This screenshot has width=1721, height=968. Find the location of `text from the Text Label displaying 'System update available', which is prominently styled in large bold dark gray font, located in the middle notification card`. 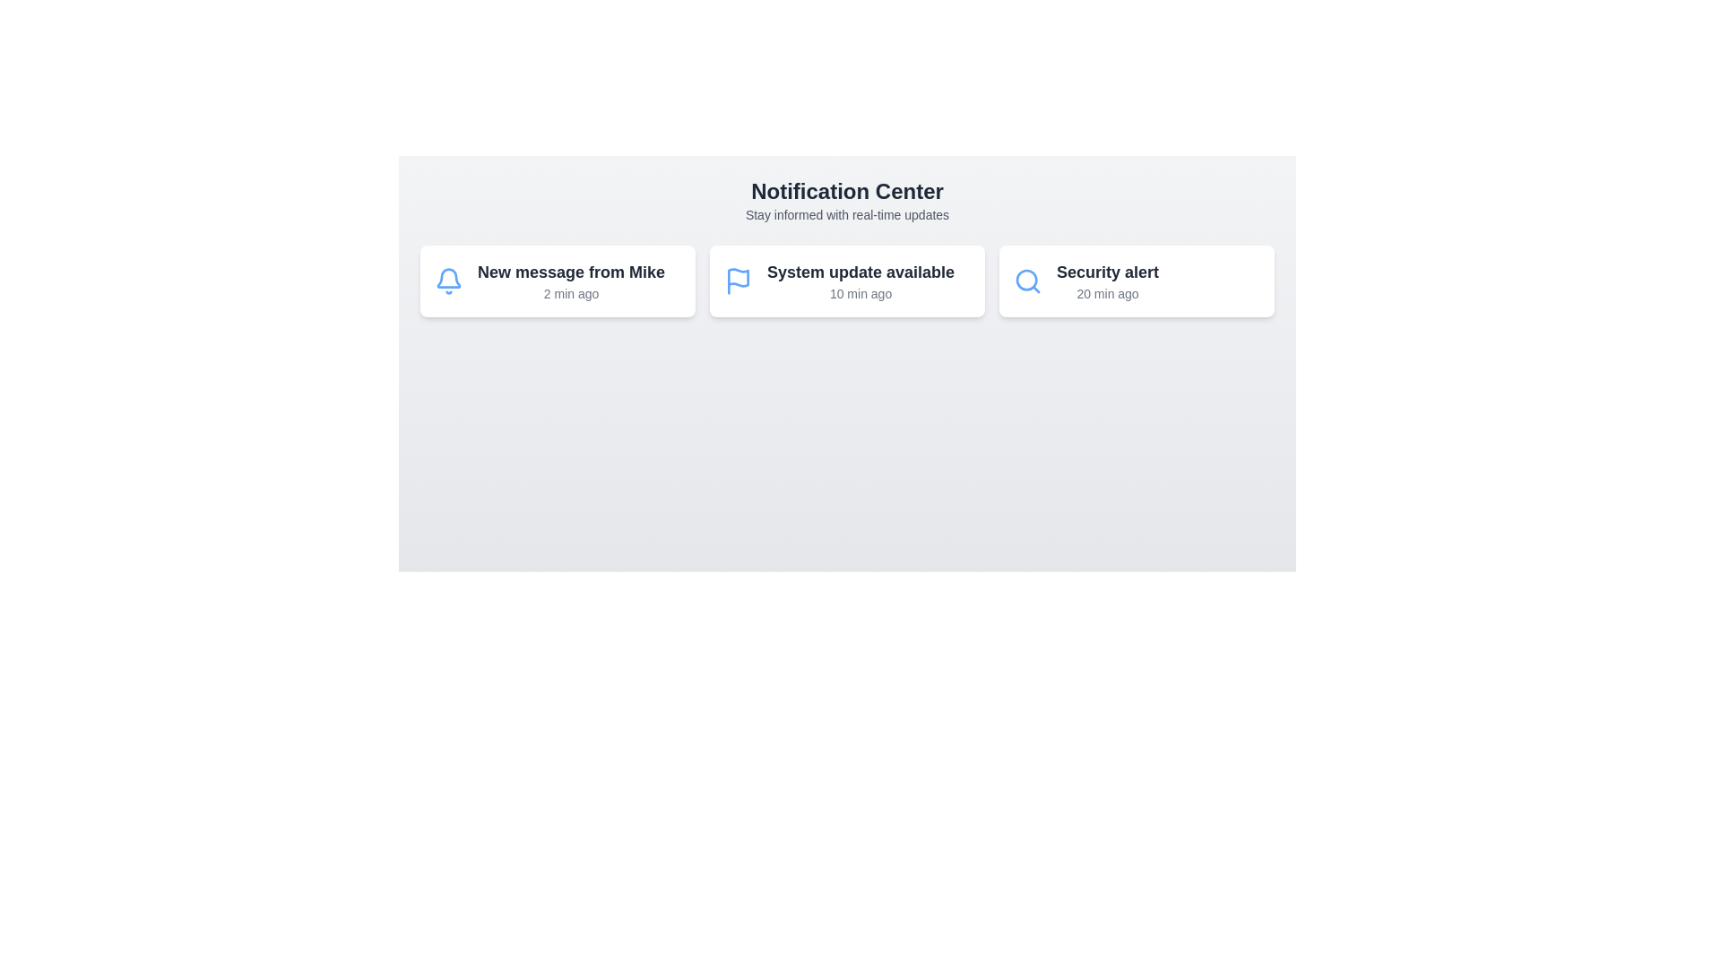

text from the Text Label displaying 'System update available', which is prominently styled in large bold dark gray font, located in the middle notification card is located at coordinates (860, 272).